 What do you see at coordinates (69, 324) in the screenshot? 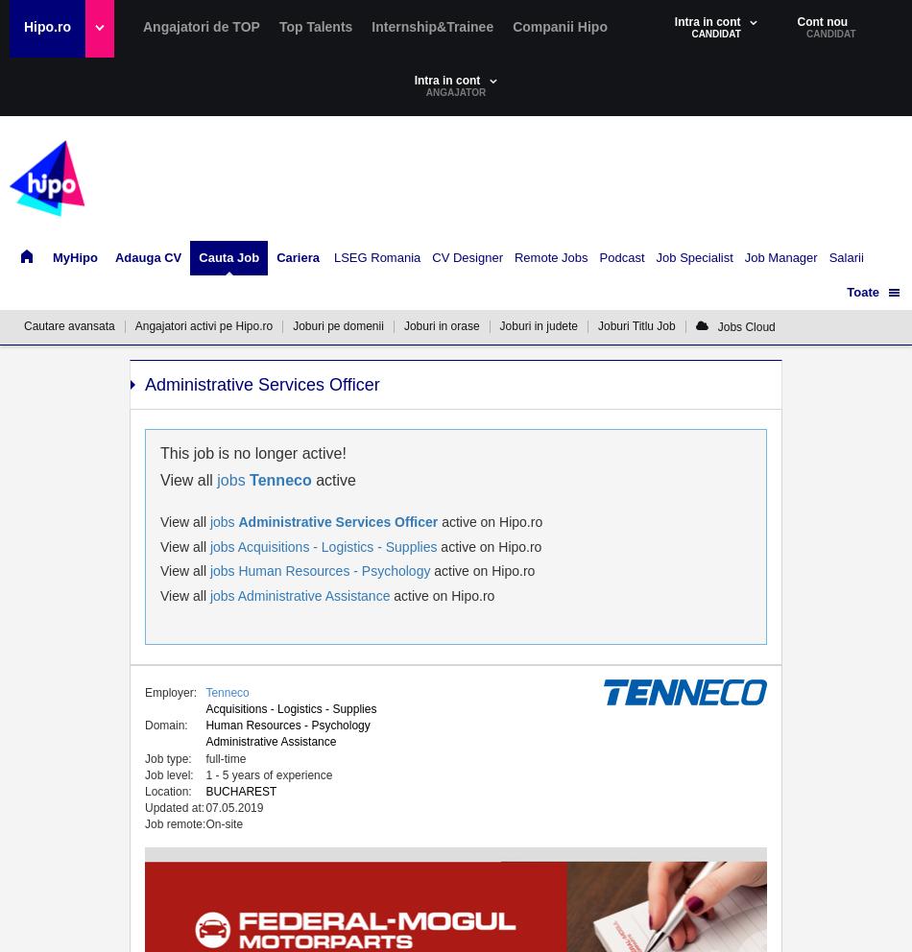
I see `'Cautare avansata'` at bounding box center [69, 324].